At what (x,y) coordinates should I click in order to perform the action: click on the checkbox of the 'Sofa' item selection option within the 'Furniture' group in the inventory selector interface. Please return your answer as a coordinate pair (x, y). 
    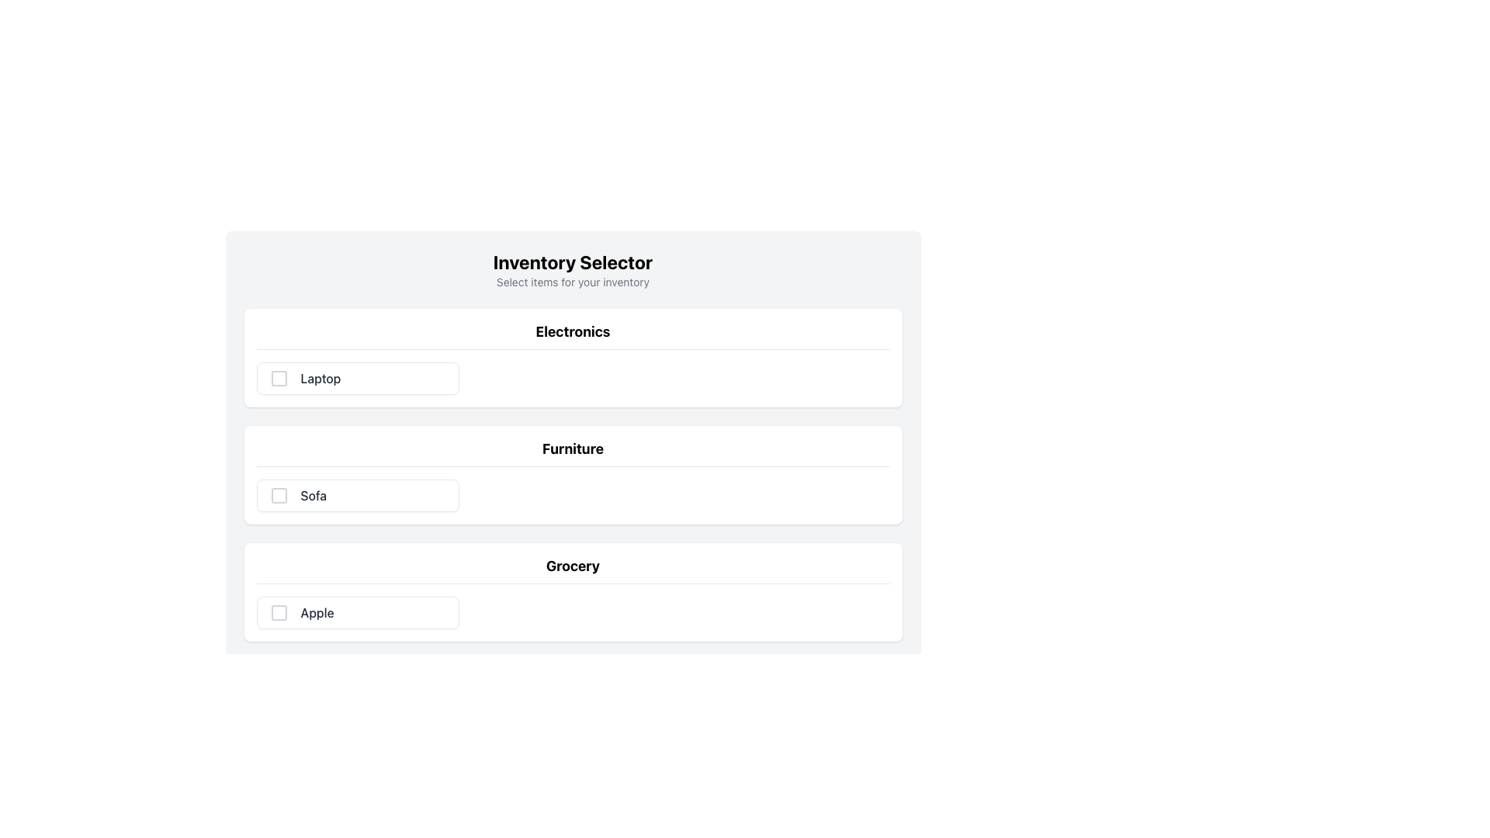
    Looking at the image, I should click on (356, 496).